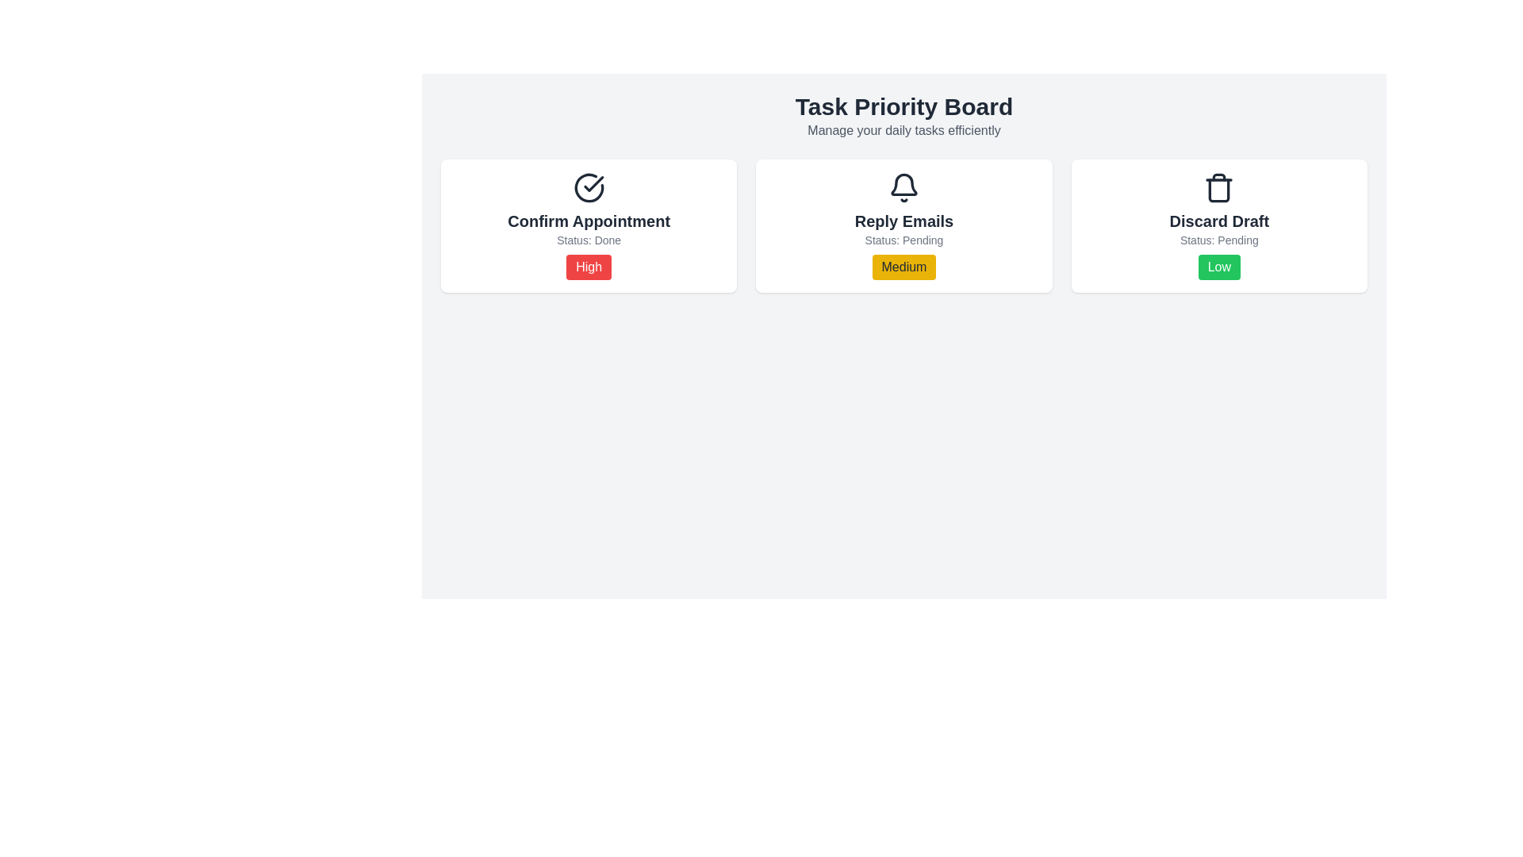  I want to click on the 'Medium' label button, which is a yellow rectangular display with rounded edges located in the 'Reply Emails' panel under 'Status: Pending', so click(903, 266).